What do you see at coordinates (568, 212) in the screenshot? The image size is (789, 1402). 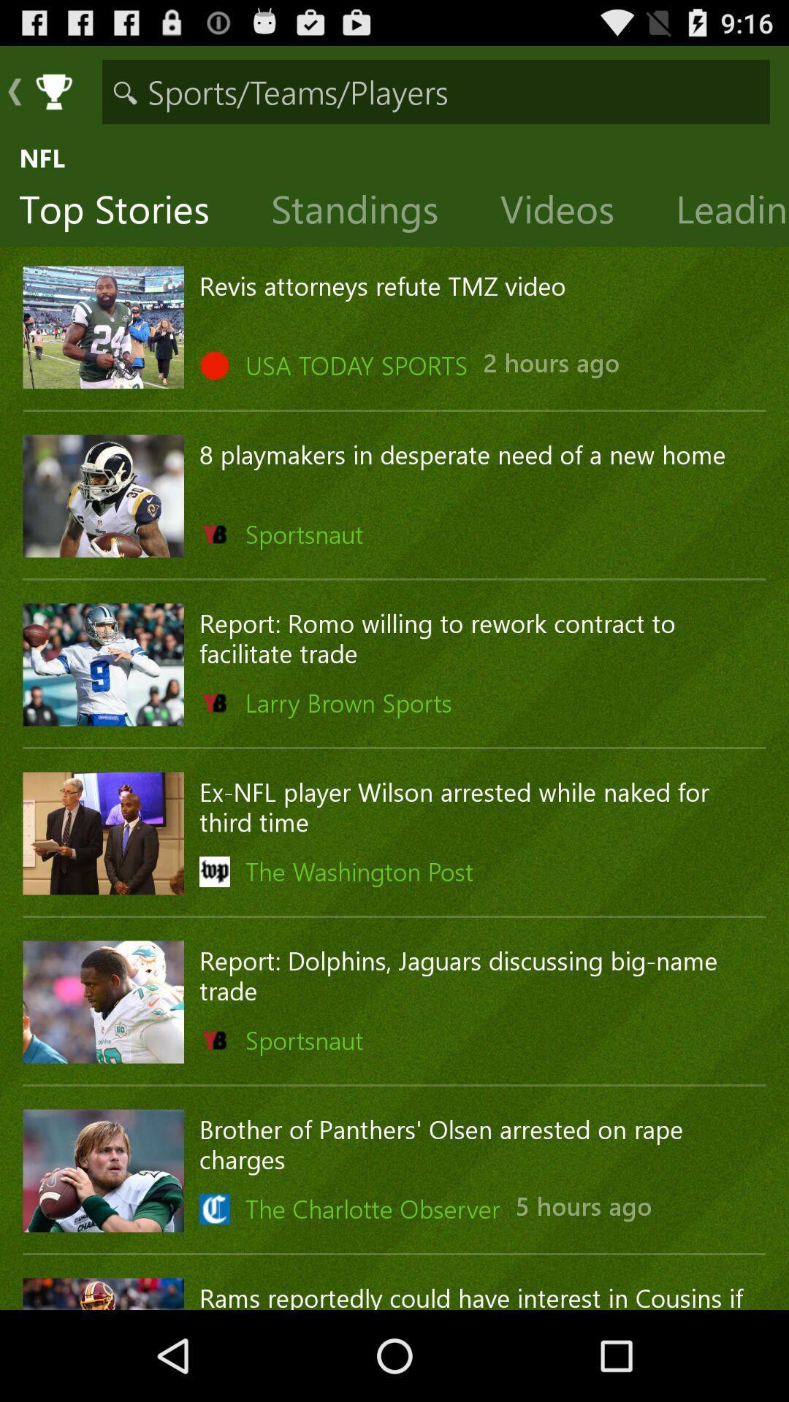 I see `the item next to the leading players icon` at bounding box center [568, 212].